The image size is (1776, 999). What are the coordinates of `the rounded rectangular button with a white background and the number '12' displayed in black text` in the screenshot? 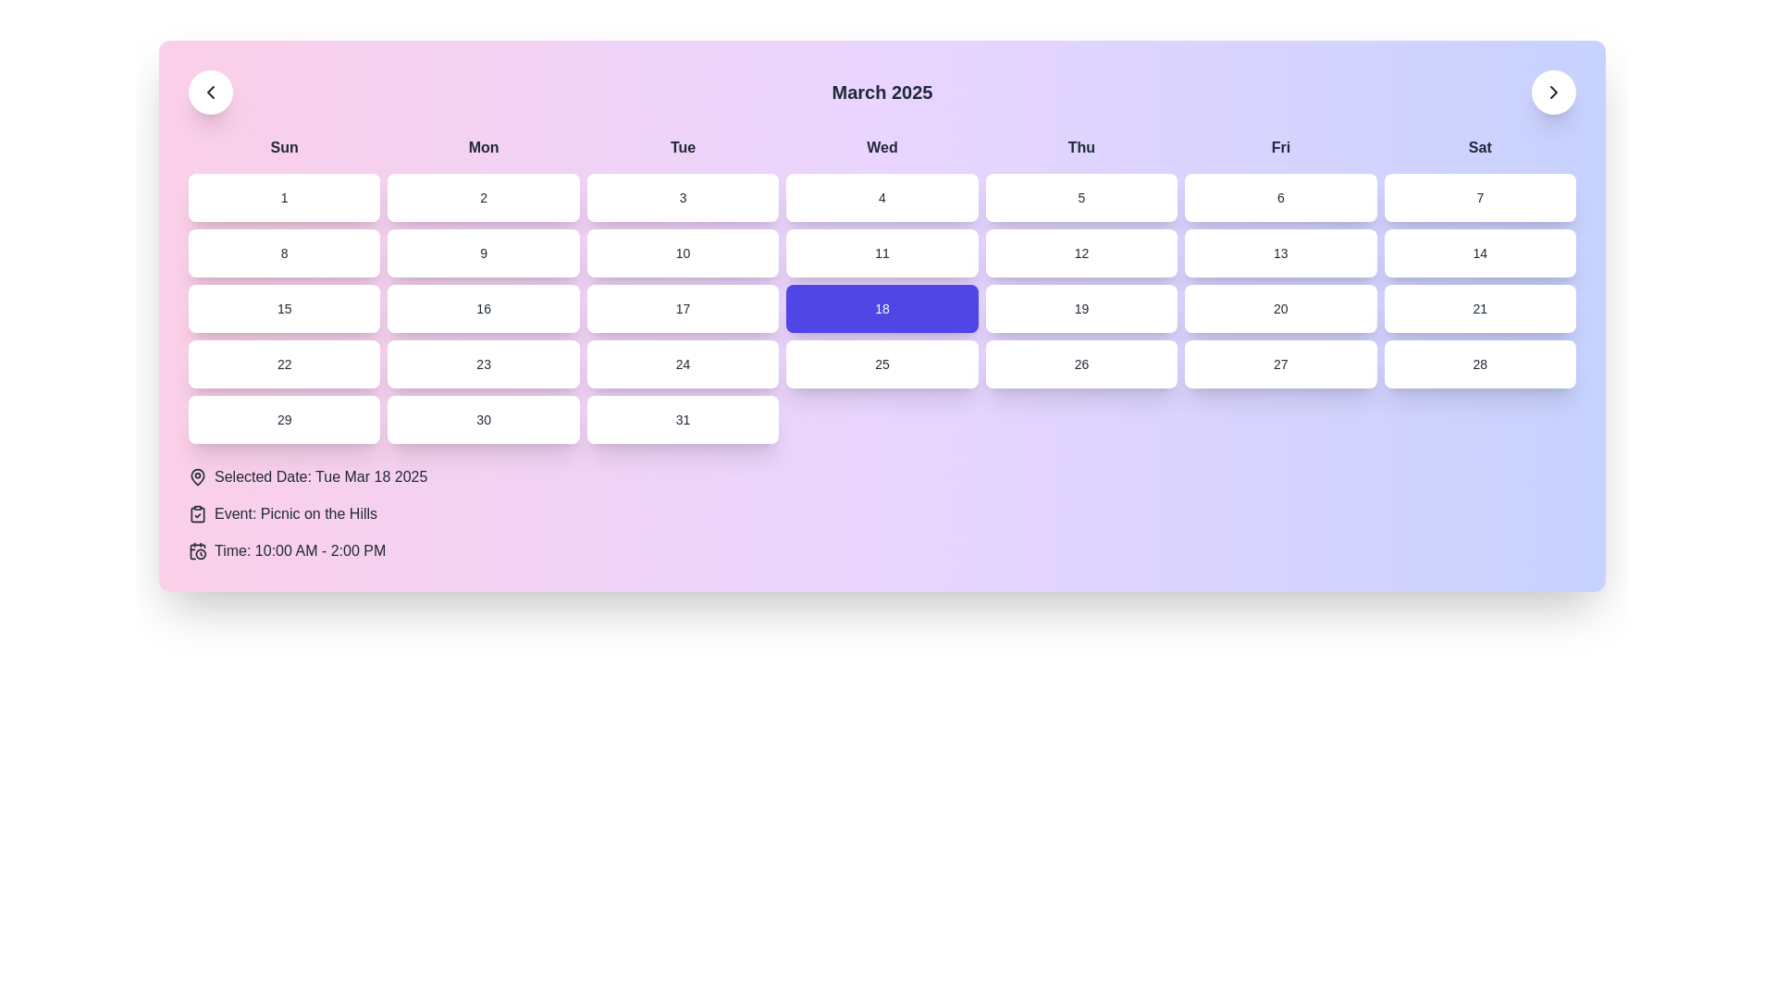 It's located at (1081, 253).